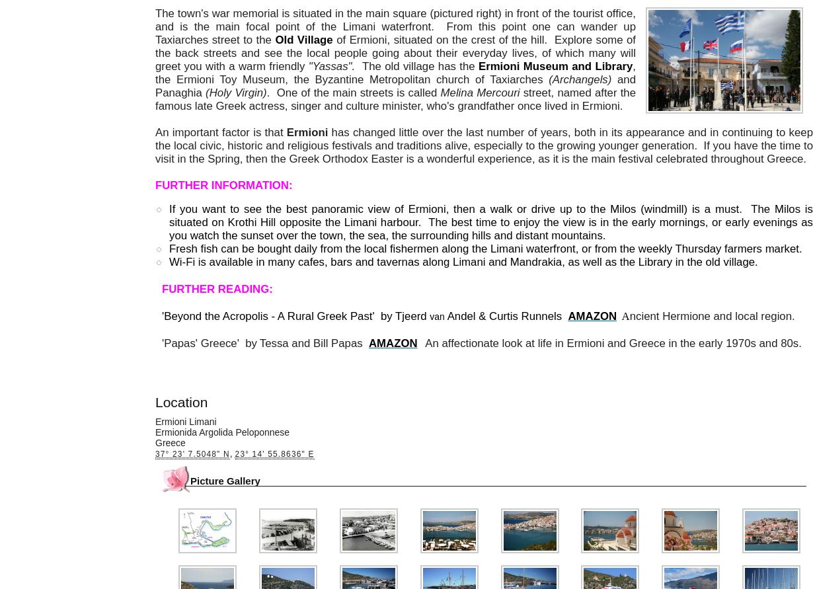 The image size is (813, 589). I want to click on '37° 23' 7.5048" N', so click(192, 453).